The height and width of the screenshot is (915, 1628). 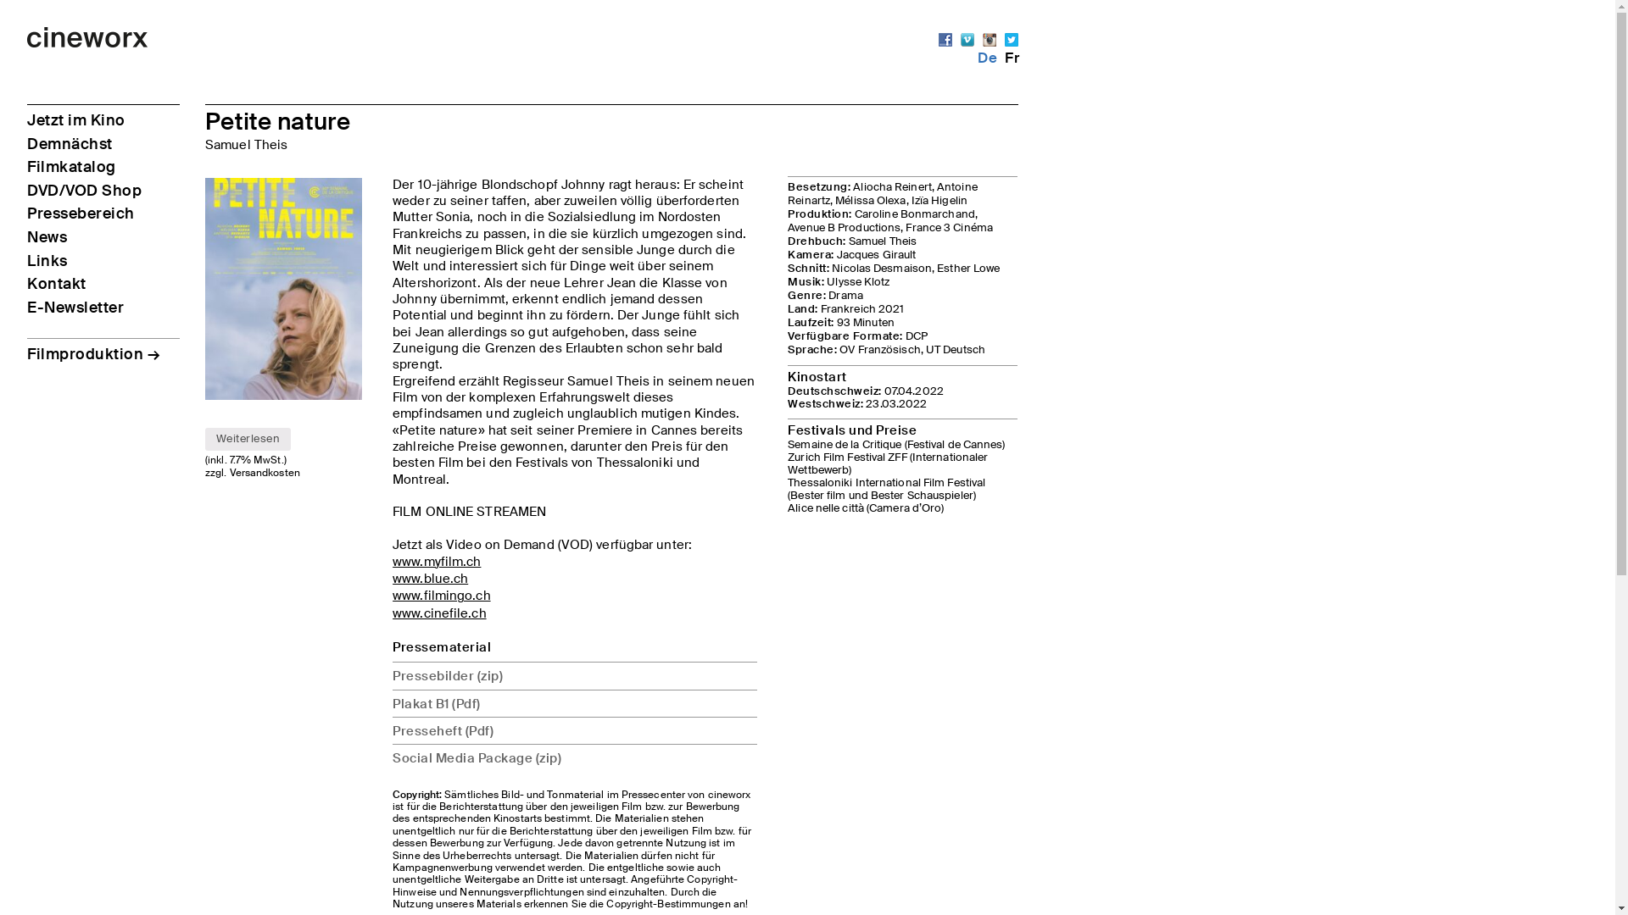 I want to click on 'www.myfilm.ch', so click(x=436, y=561).